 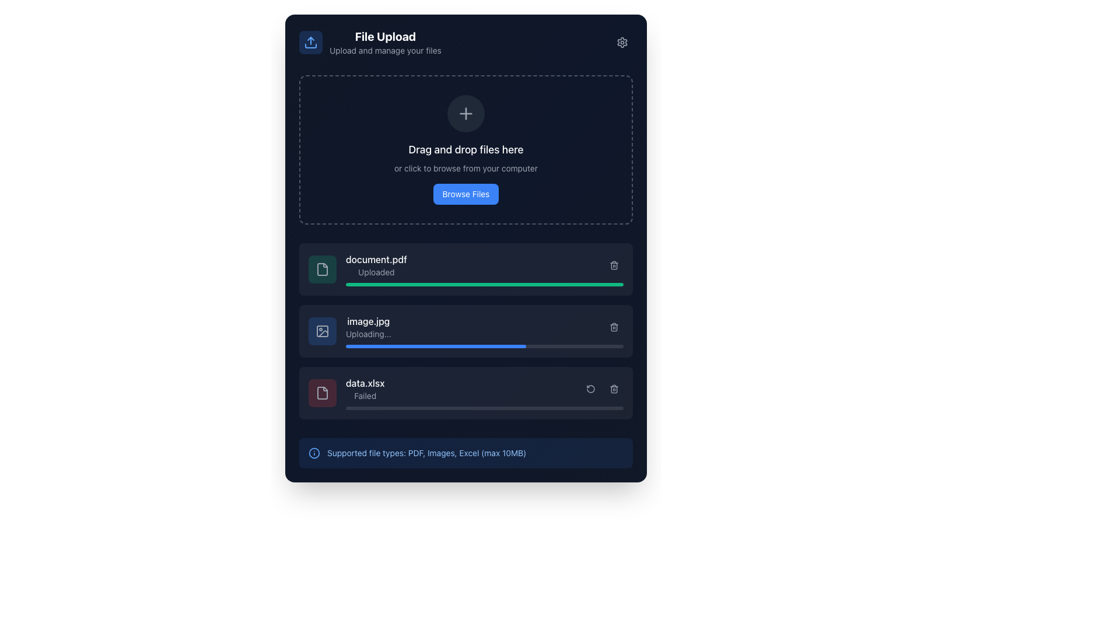 What do you see at coordinates (613, 328) in the screenshot?
I see `the trash bin icon located in the top-right section of the interface to trigger a delete action` at bounding box center [613, 328].